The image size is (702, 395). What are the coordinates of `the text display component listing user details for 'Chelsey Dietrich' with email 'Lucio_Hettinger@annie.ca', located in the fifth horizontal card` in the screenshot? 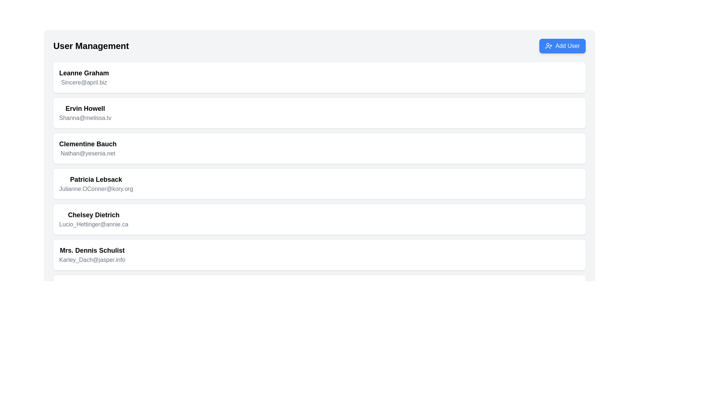 It's located at (93, 219).